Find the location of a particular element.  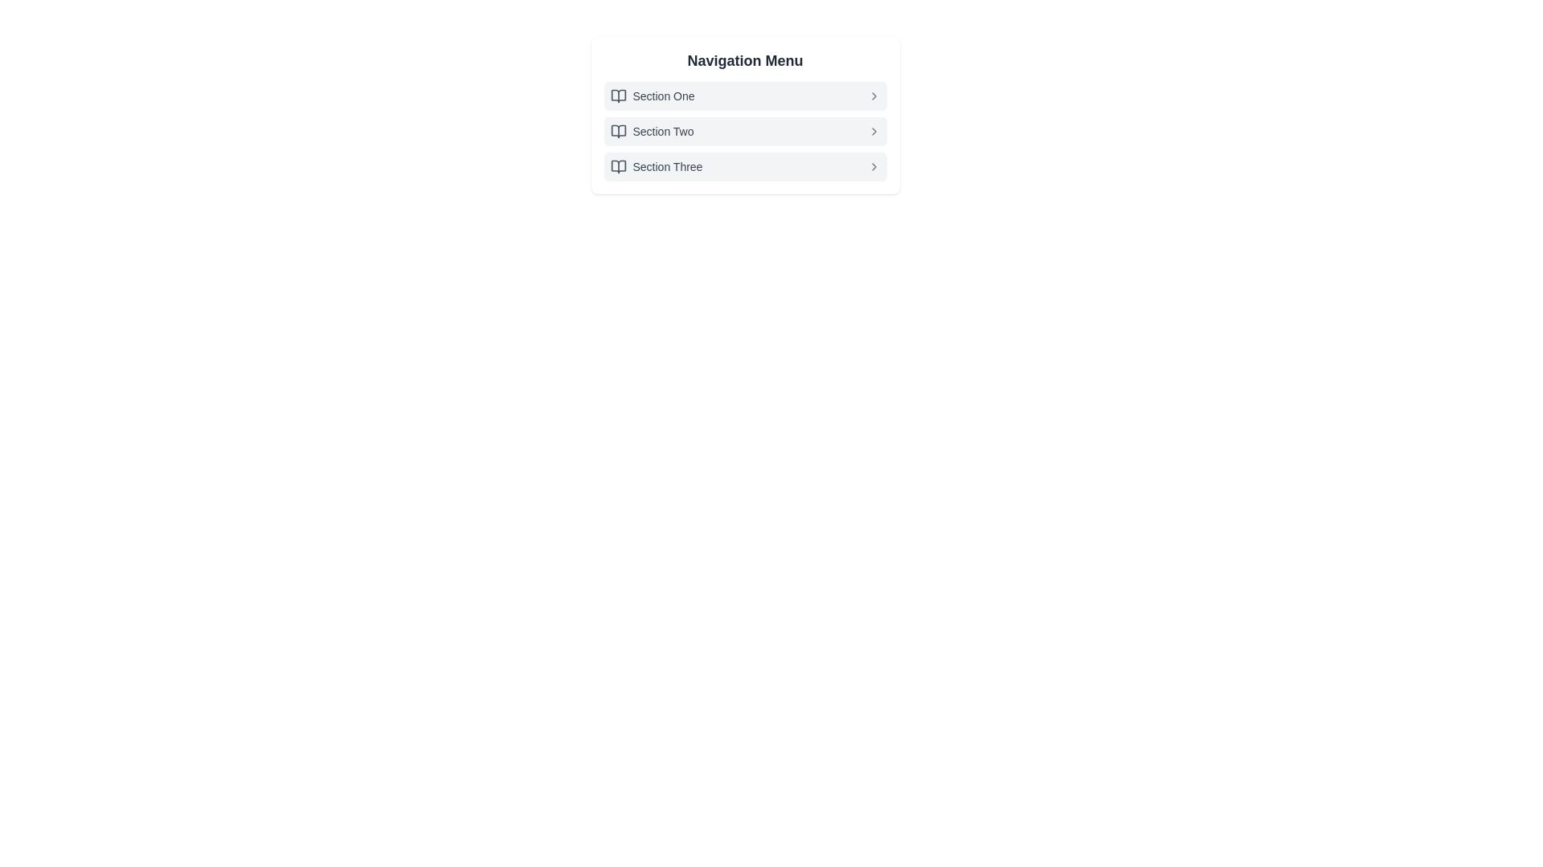

text from the header Text Label located at the top of the white card-like area, which categorizes the sections beneath it into a navigation menu is located at coordinates (744, 60).